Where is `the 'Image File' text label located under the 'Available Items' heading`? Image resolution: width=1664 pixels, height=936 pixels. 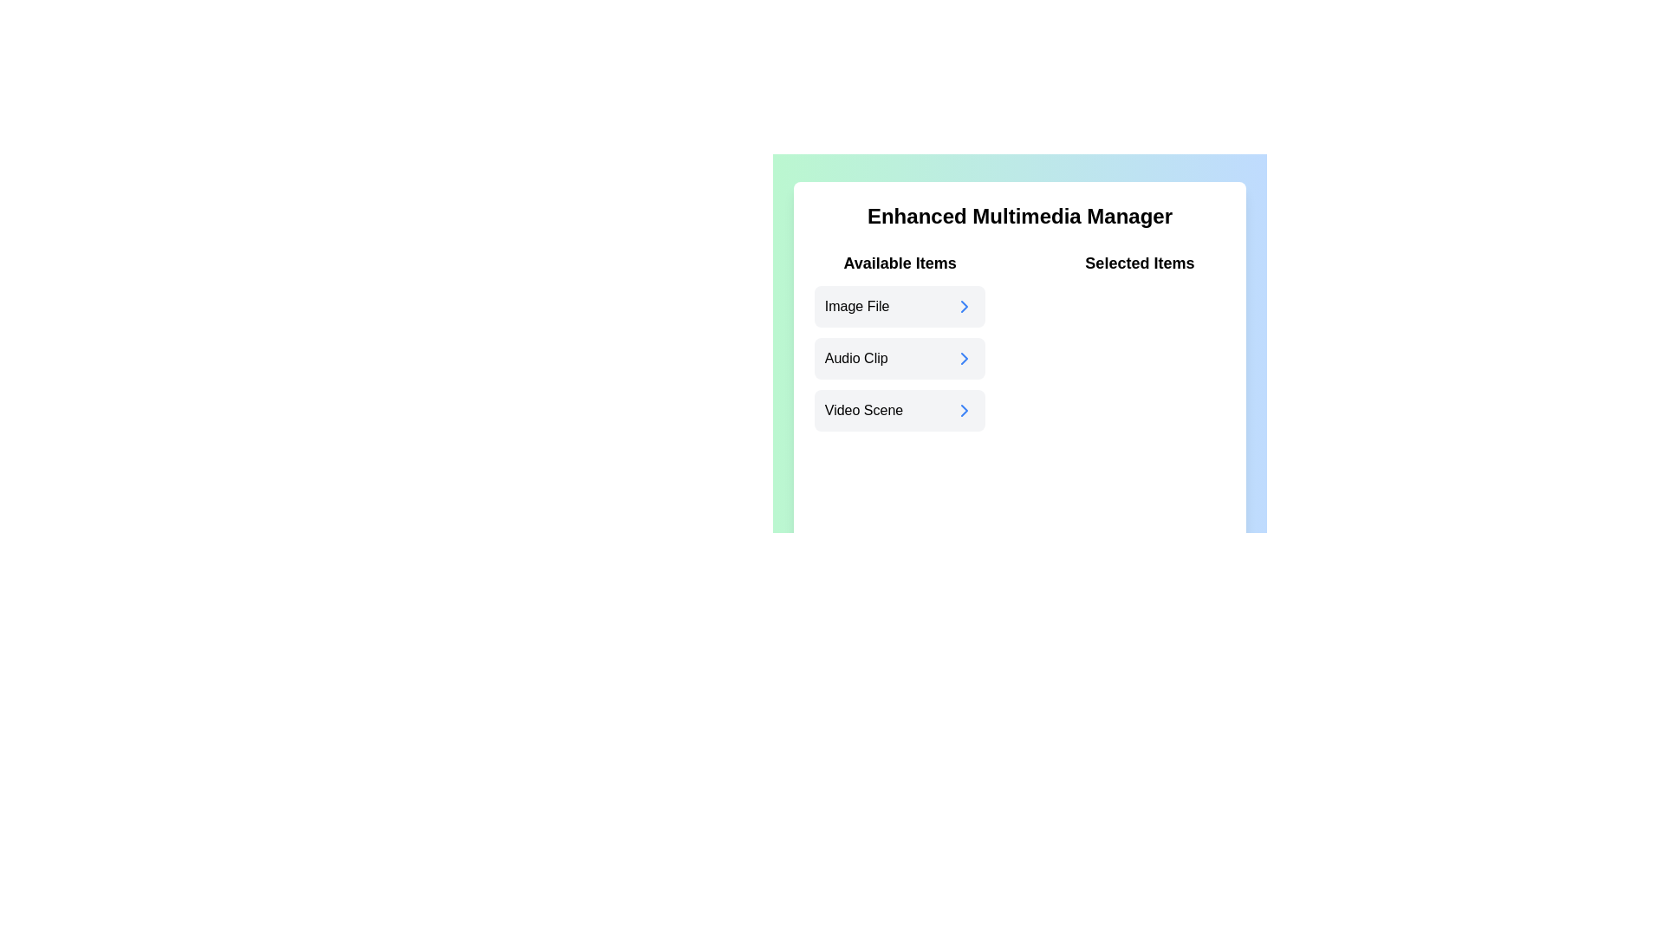
the 'Image File' text label located under the 'Available Items' heading is located at coordinates (857, 306).